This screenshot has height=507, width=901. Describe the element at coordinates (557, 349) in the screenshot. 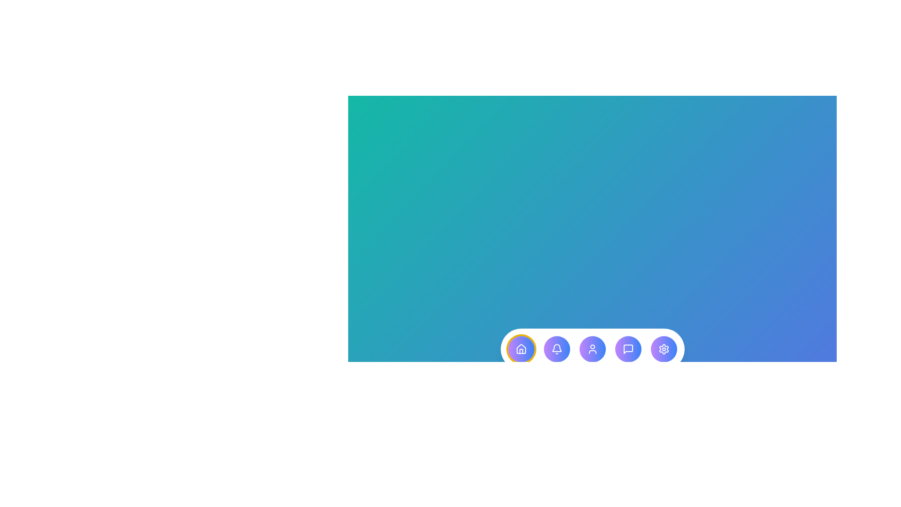

I see `the menu item Notification to view its description` at that location.